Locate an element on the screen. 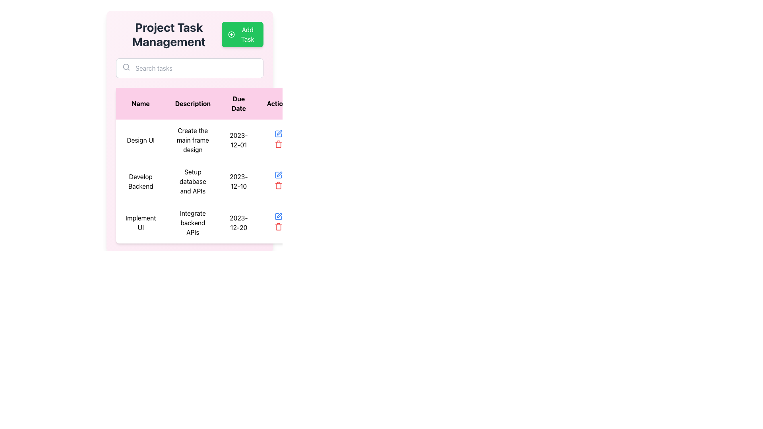  the trash icon in the 'Actions' column of the table, which is the second icon in the action section of the first row for the 'Design UI' task is located at coordinates (278, 144).